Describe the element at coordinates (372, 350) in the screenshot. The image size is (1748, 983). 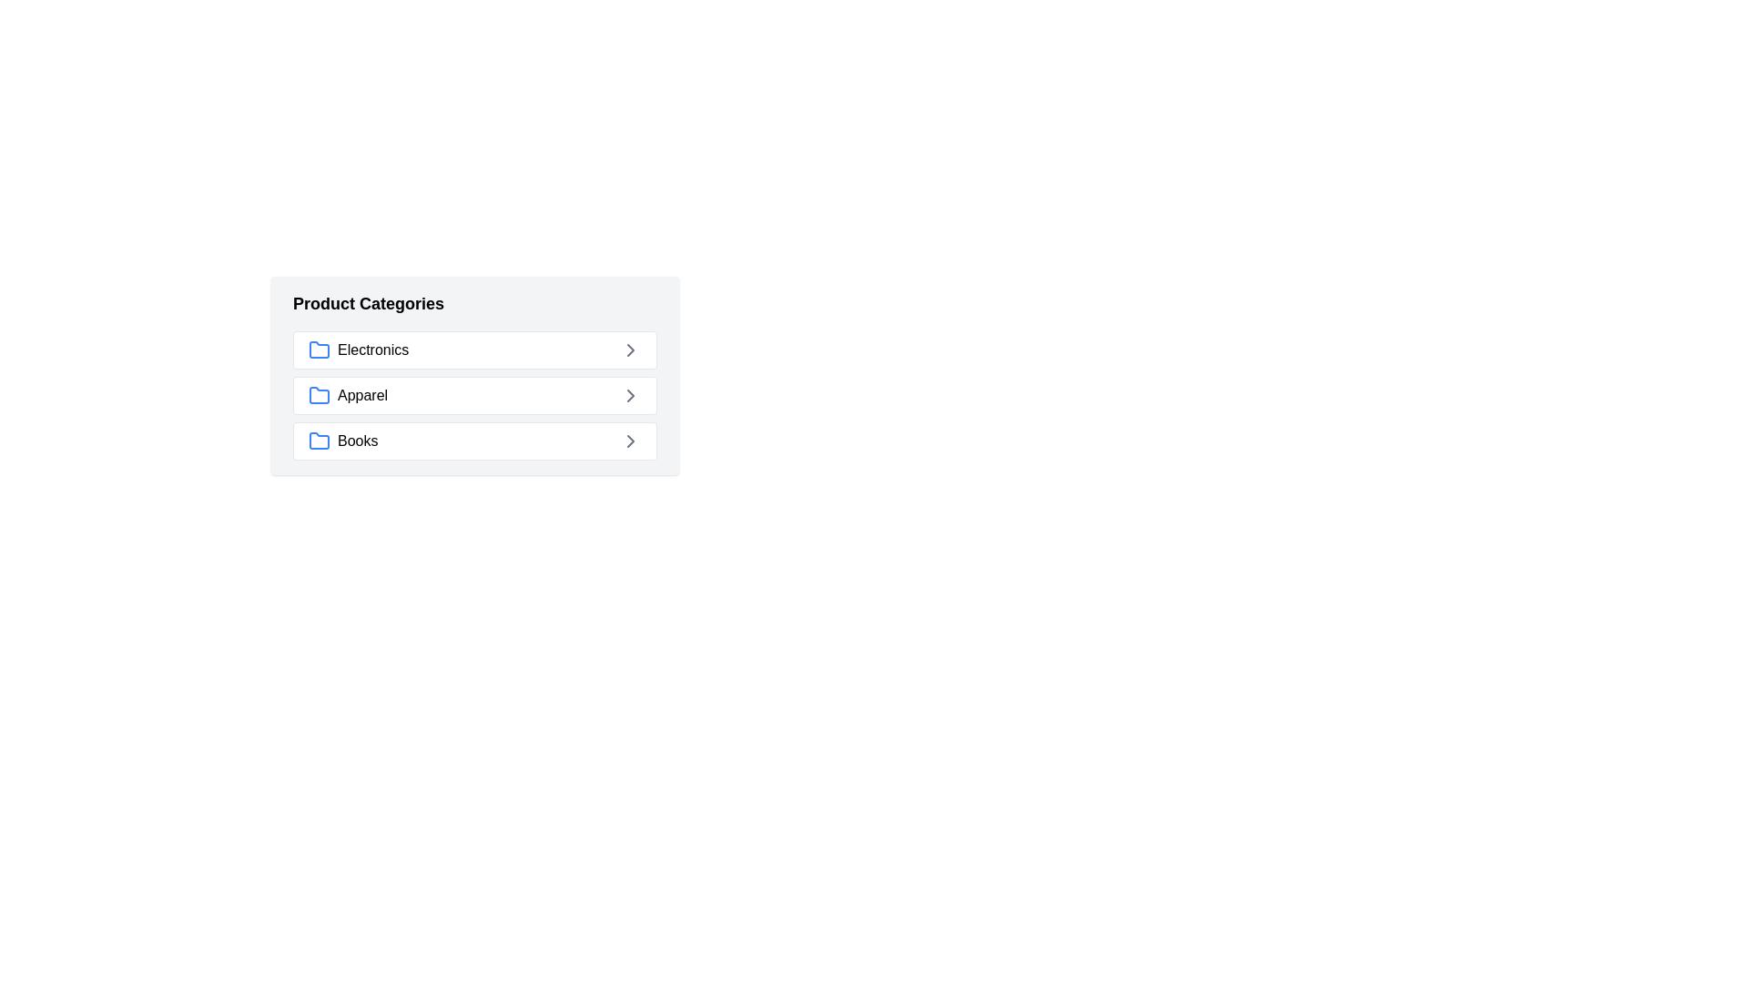
I see `the 'Electronics' text label, which indicates the Electronics category in the product categories list` at that location.